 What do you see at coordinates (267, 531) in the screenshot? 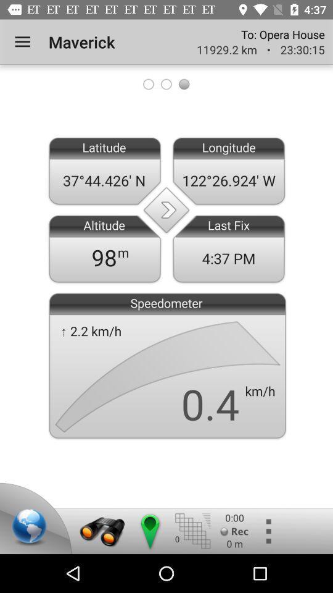
I see `display more options` at bounding box center [267, 531].